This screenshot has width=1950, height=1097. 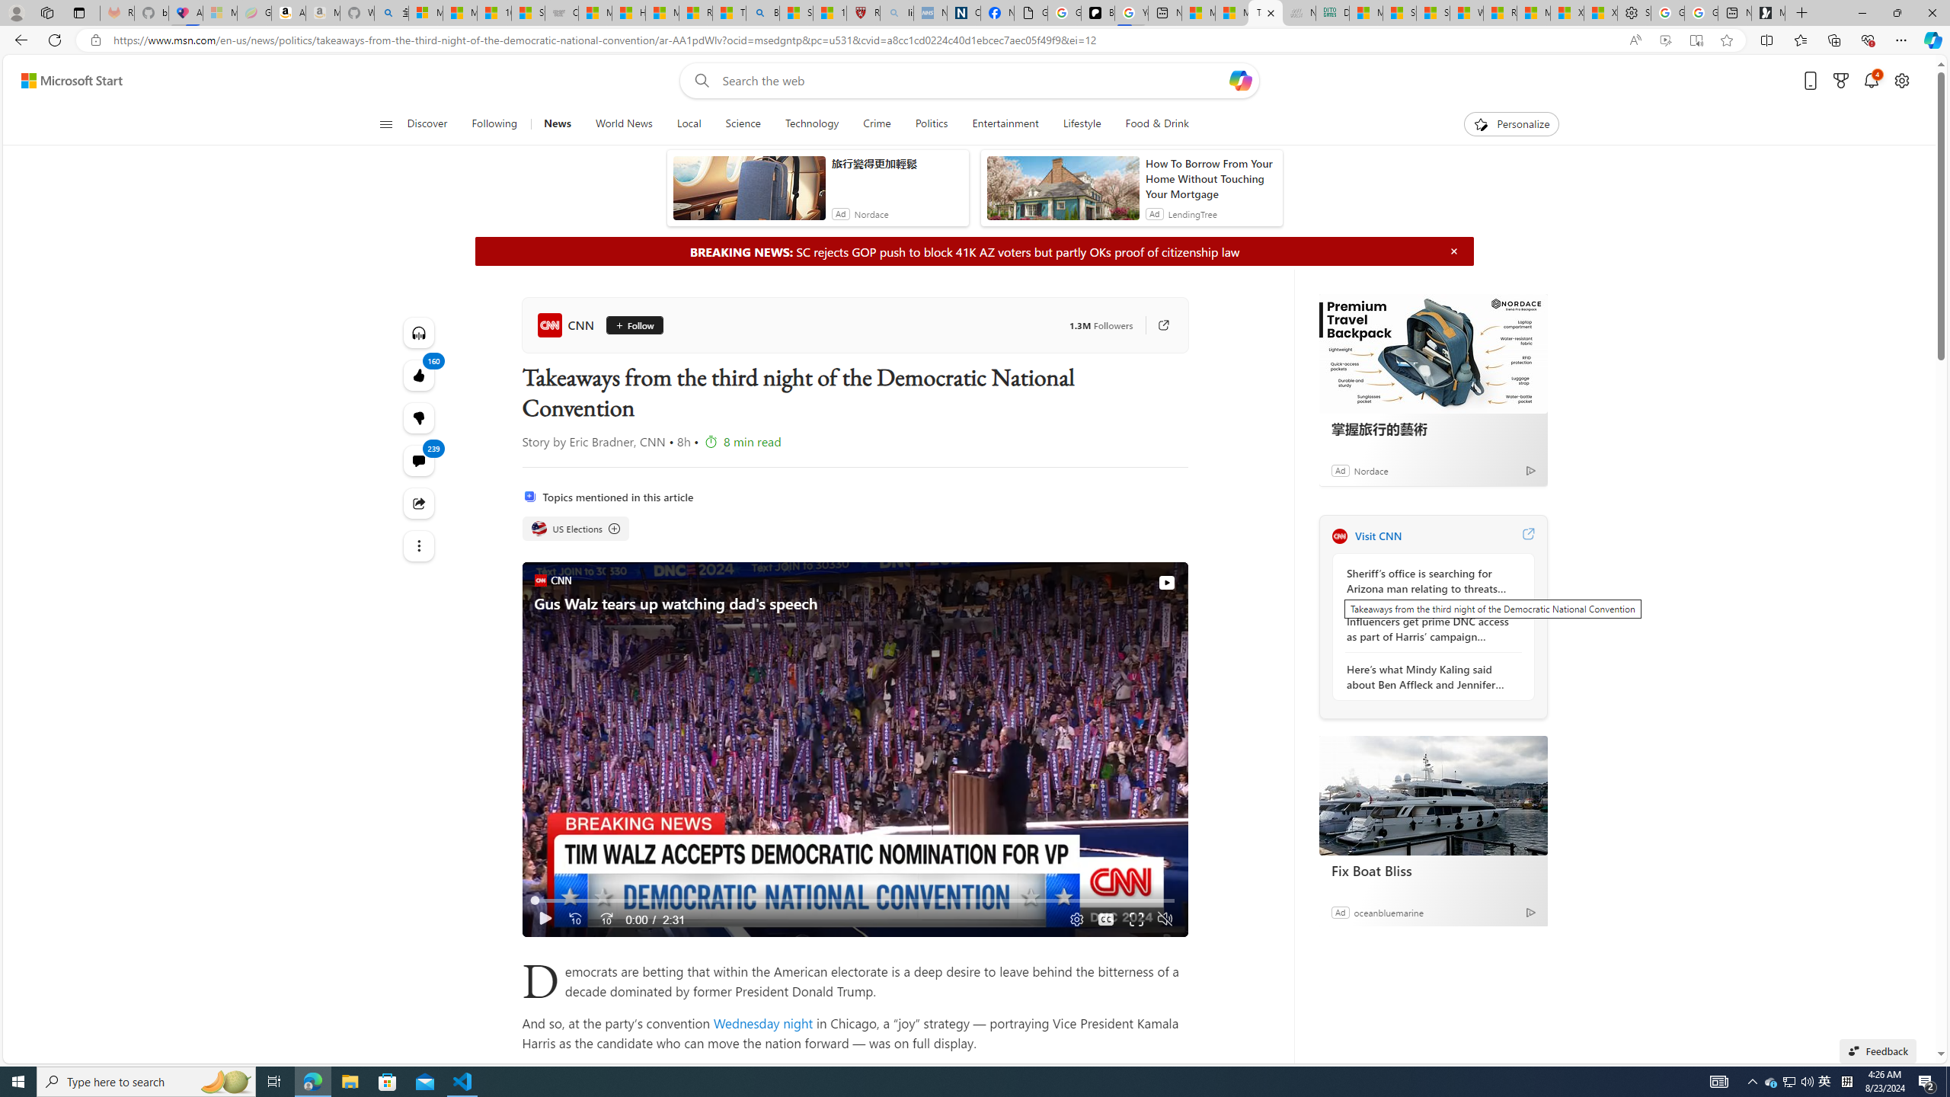 I want to click on 'Enter Immersive Reader (F9)', so click(x=1696, y=40).